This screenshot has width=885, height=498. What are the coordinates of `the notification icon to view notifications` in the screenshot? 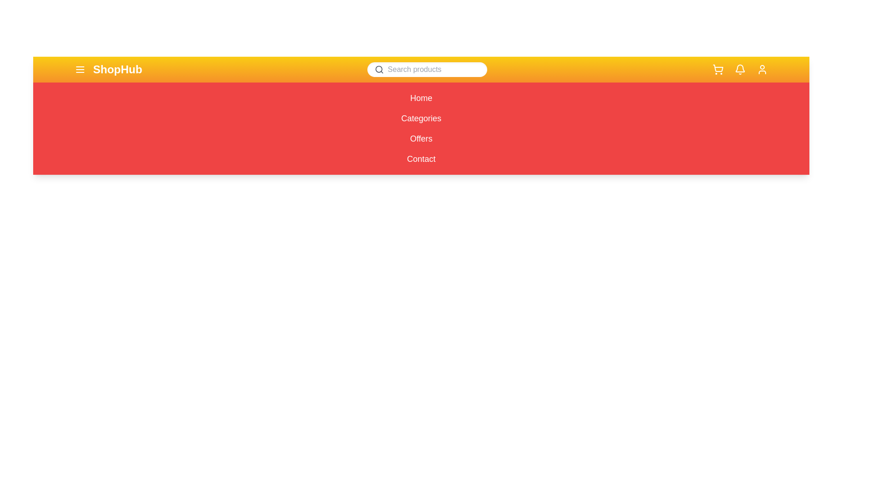 It's located at (740, 69).